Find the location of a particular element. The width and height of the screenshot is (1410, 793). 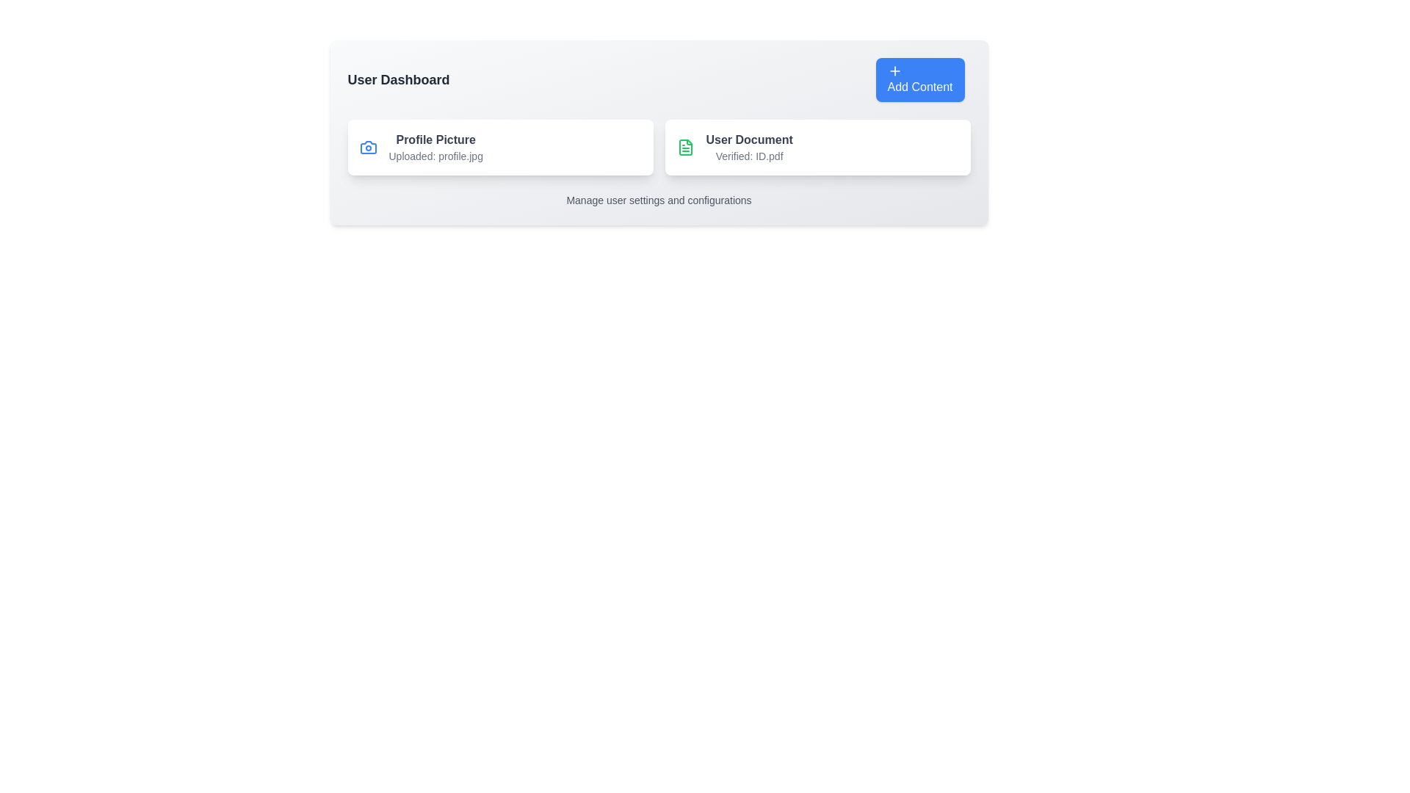

the camera icon representing the photo functionality located in the left section of the 'Profile Picture' card on the user dashboard, adjacent to the text 'Uploaded: profile.jpg' is located at coordinates (368, 147).